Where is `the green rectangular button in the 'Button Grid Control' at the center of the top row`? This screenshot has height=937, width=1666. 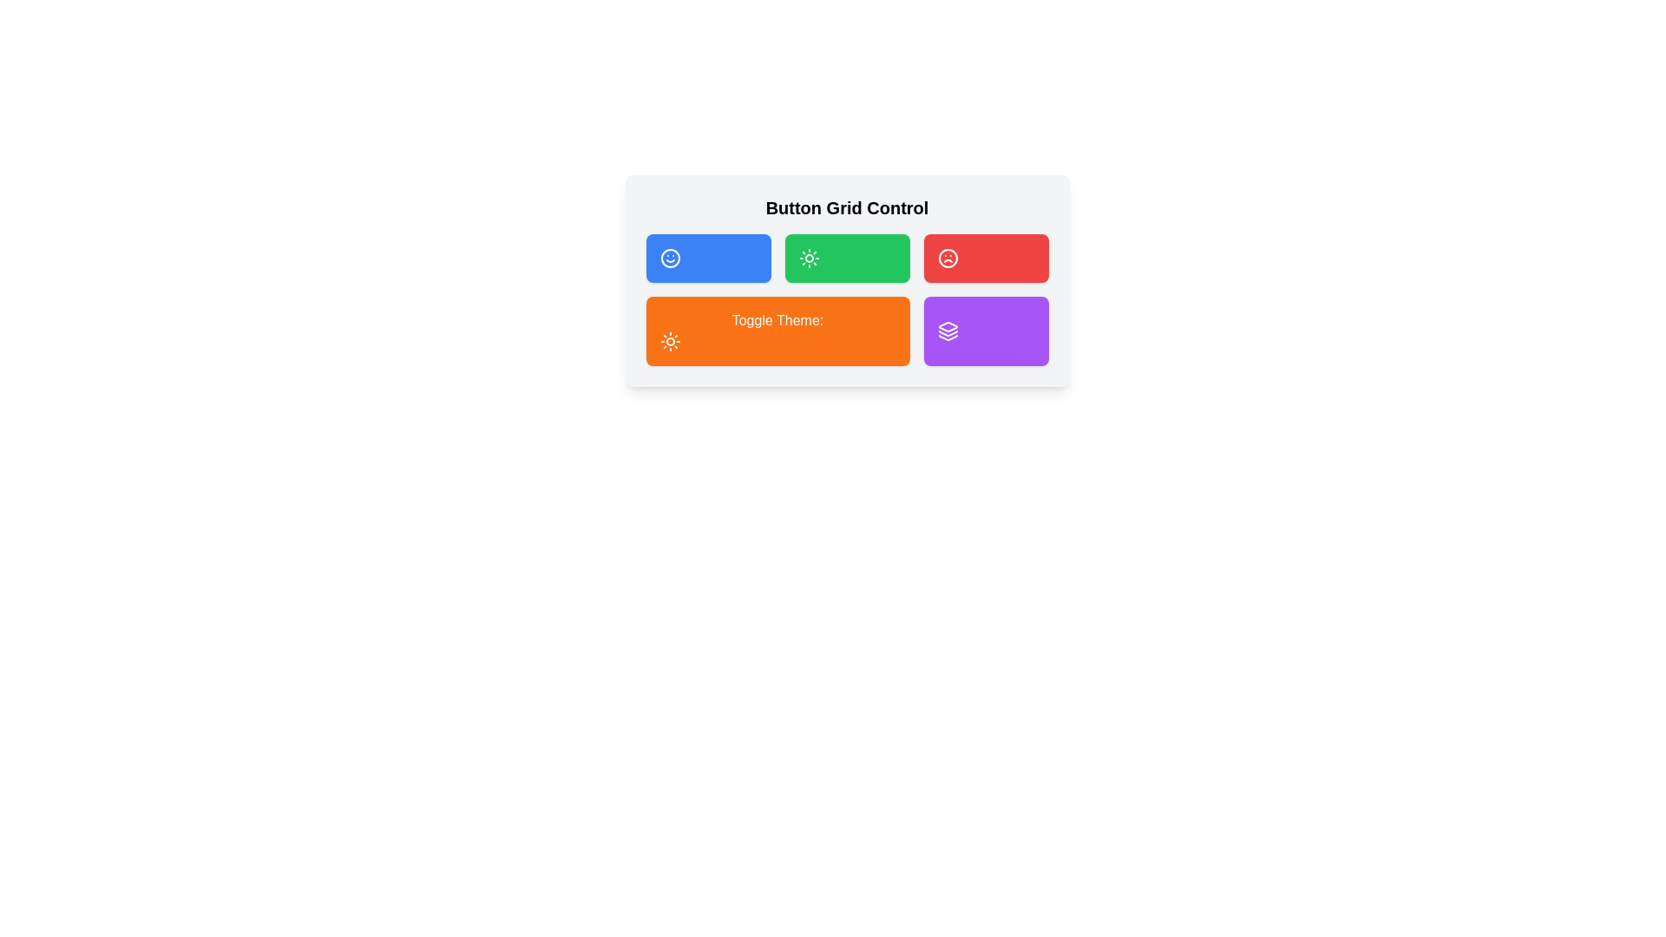
the green rectangular button in the 'Button Grid Control' at the center of the top row is located at coordinates (847, 280).